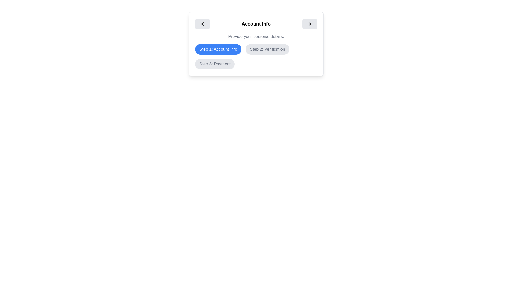 This screenshot has width=507, height=285. I want to click on the 'Payment' step label button, which signifies the third step in the sequence of actions under 'Account Info', so click(215, 64).